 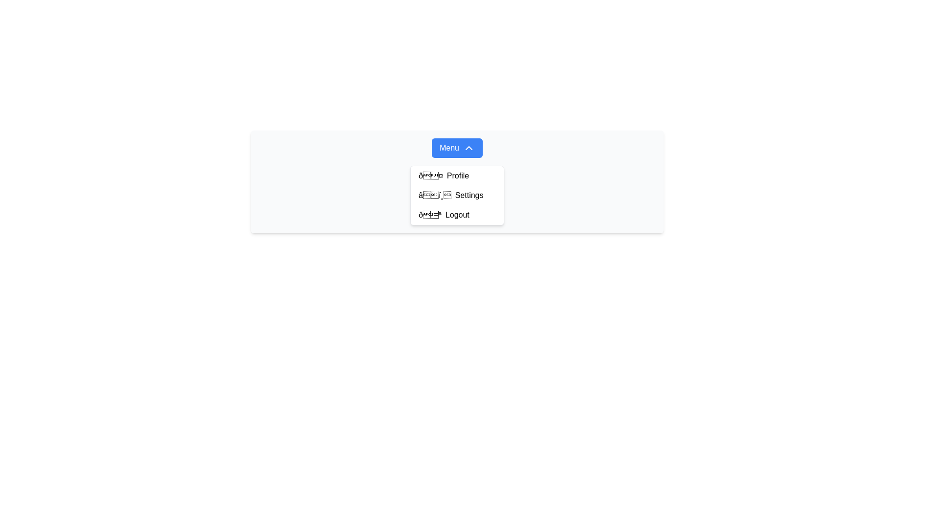 What do you see at coordinates (430, 175) in the screenshot?
I see `the face icon located to the left of the text 'Profile' in the 'Menu' dropdown` at bounding box center [430, 175].